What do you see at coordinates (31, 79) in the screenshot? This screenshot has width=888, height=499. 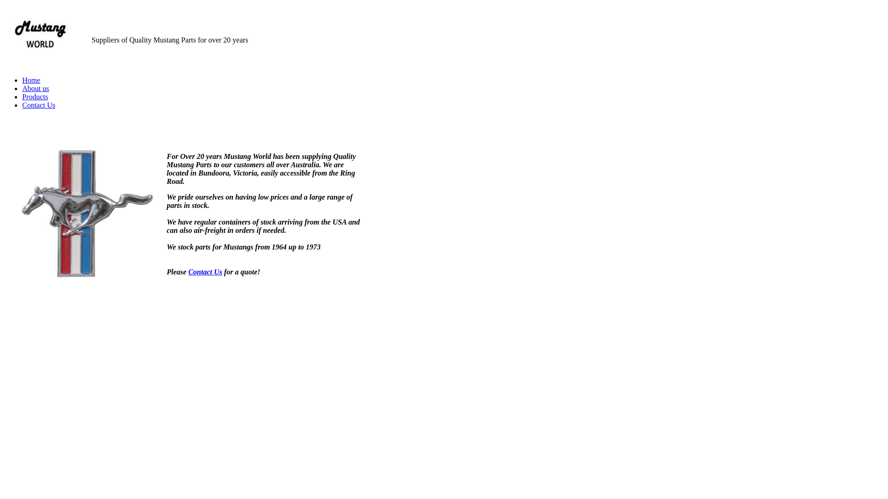 I see `'Home'` at bounding box center [31, 79].